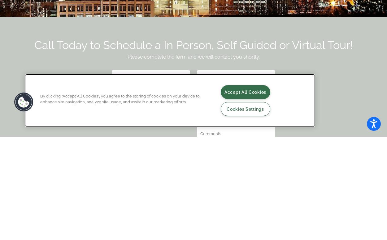 The image size is (387, 240). I want to click on 'Please complete the form and we will contact you shortly.', so click(127, 57).